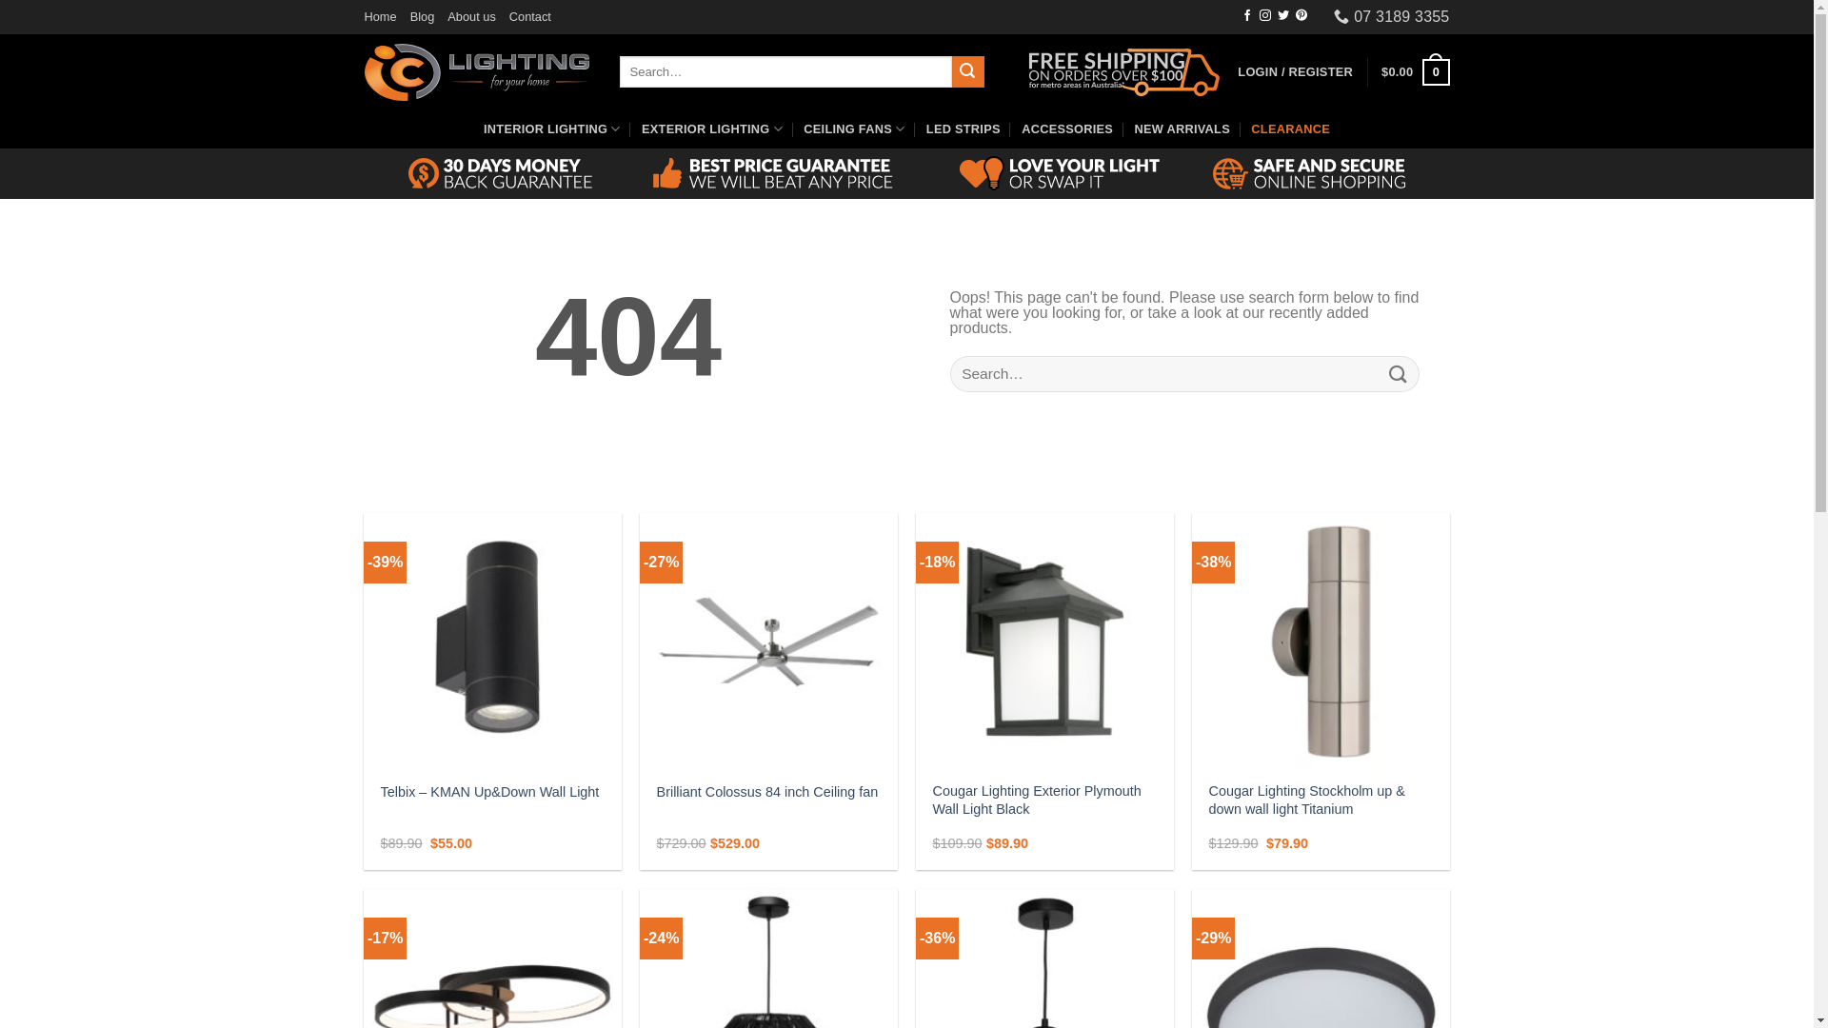 Image resolution: width=1828 pixels, height=1028 pixels. I want to click on 'Follow on Facebook', so click(1242, 15).